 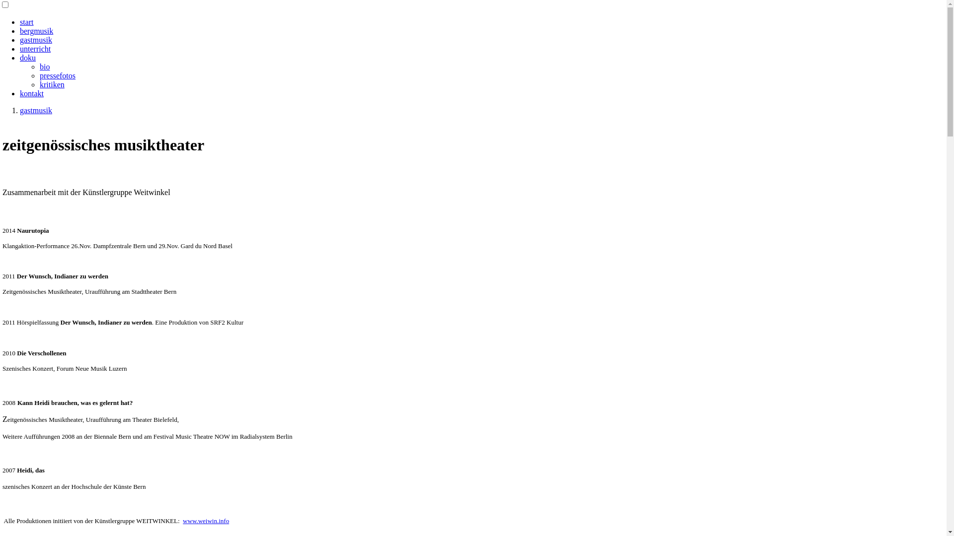 I want to click on 'gastmusik', so click(x=19, y=110).